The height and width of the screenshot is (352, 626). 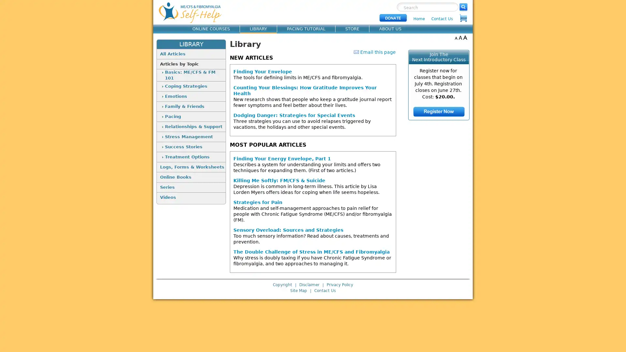 What do you see at coordinates (460, 37) in the screenshot?
I see `A` at bounding box center [460, 37].